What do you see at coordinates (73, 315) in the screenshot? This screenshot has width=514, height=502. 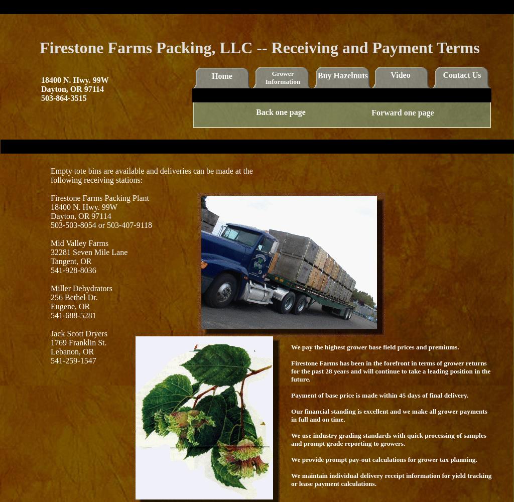 I see `'541-688-5281'` at bounding box center [73, 315].